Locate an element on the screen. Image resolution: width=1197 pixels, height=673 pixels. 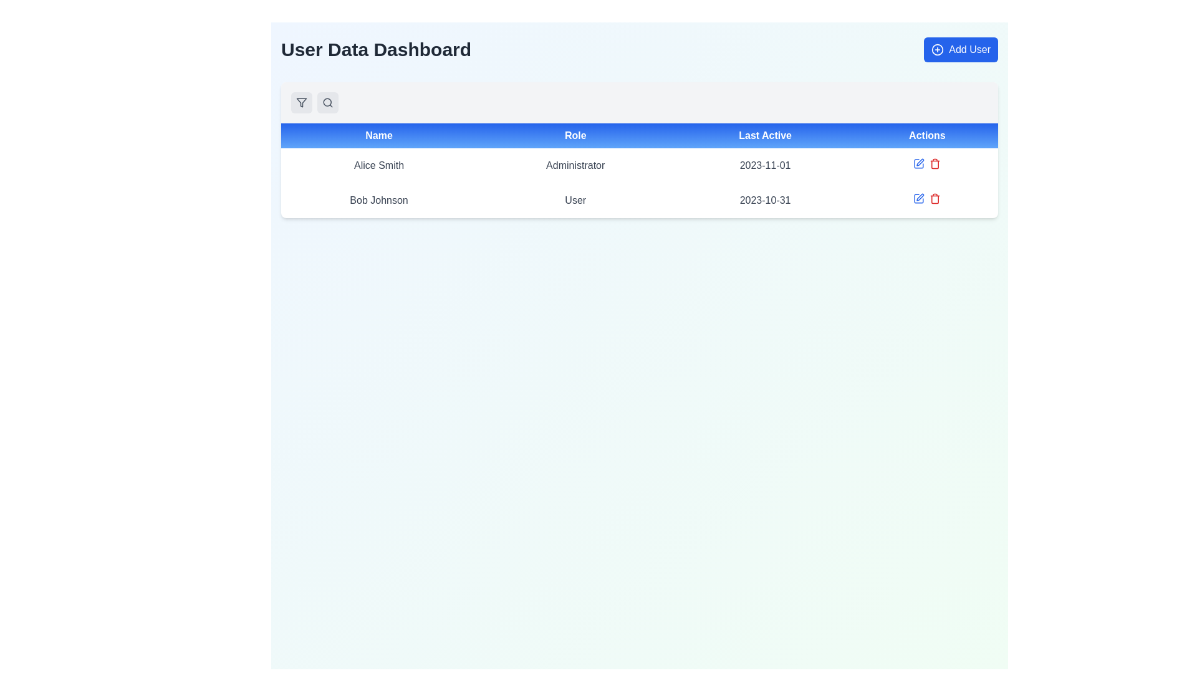
the search icon located in the upper left corner of the dashboard is located at coordinates (328, 102).